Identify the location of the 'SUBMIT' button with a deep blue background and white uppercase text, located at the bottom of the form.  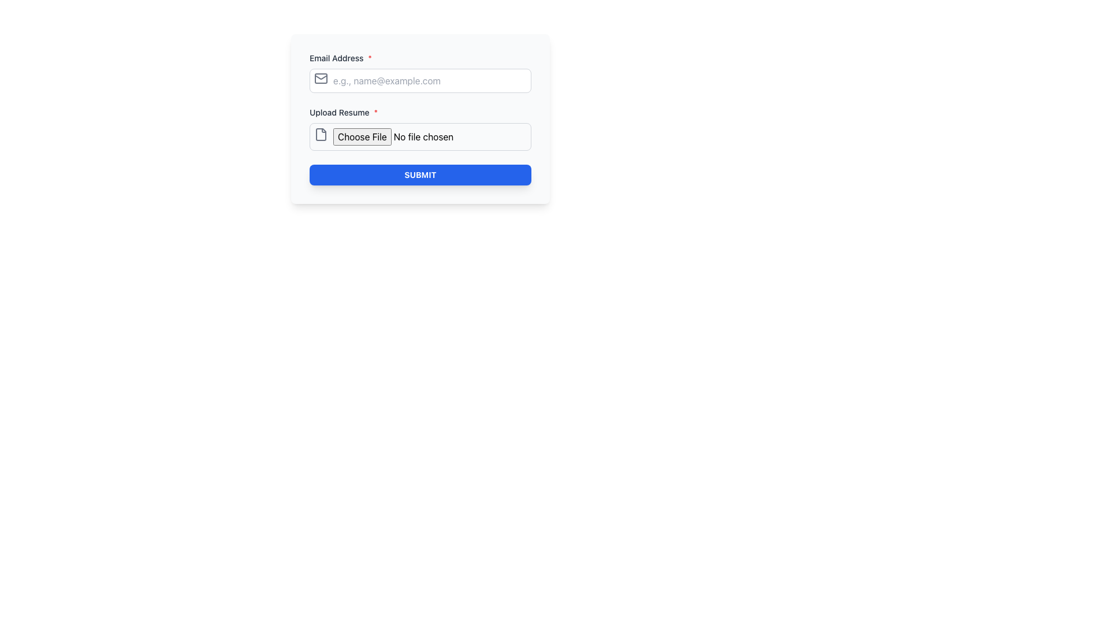
(420, 175).